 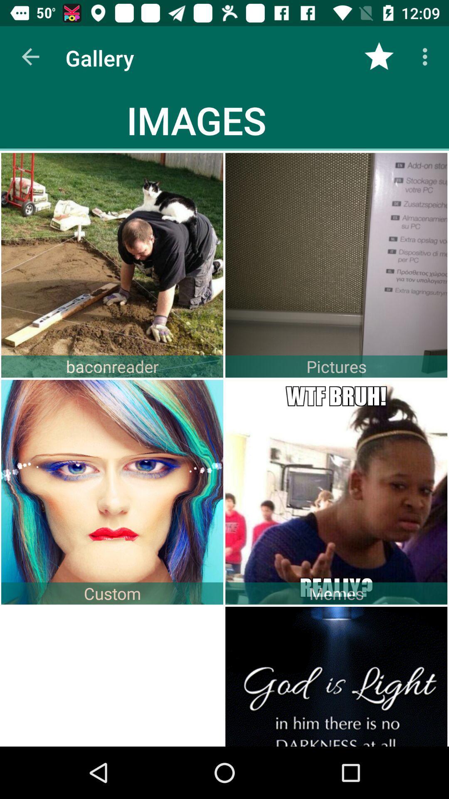 I want to click on icon next to the images       icon, so click(x=379, y=56).